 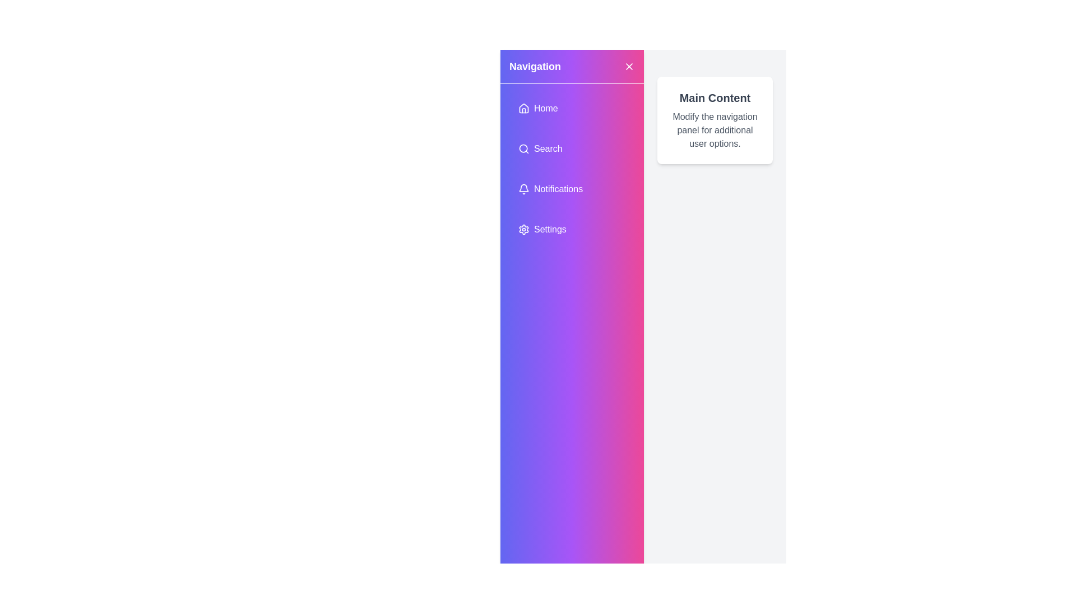 What do you see at coordinates (523, 148) in the screenshot?
I see `the SVG Circle Element representing the magnifying lens of the search icon in the navigation menu` at bounding box center [523, 148].